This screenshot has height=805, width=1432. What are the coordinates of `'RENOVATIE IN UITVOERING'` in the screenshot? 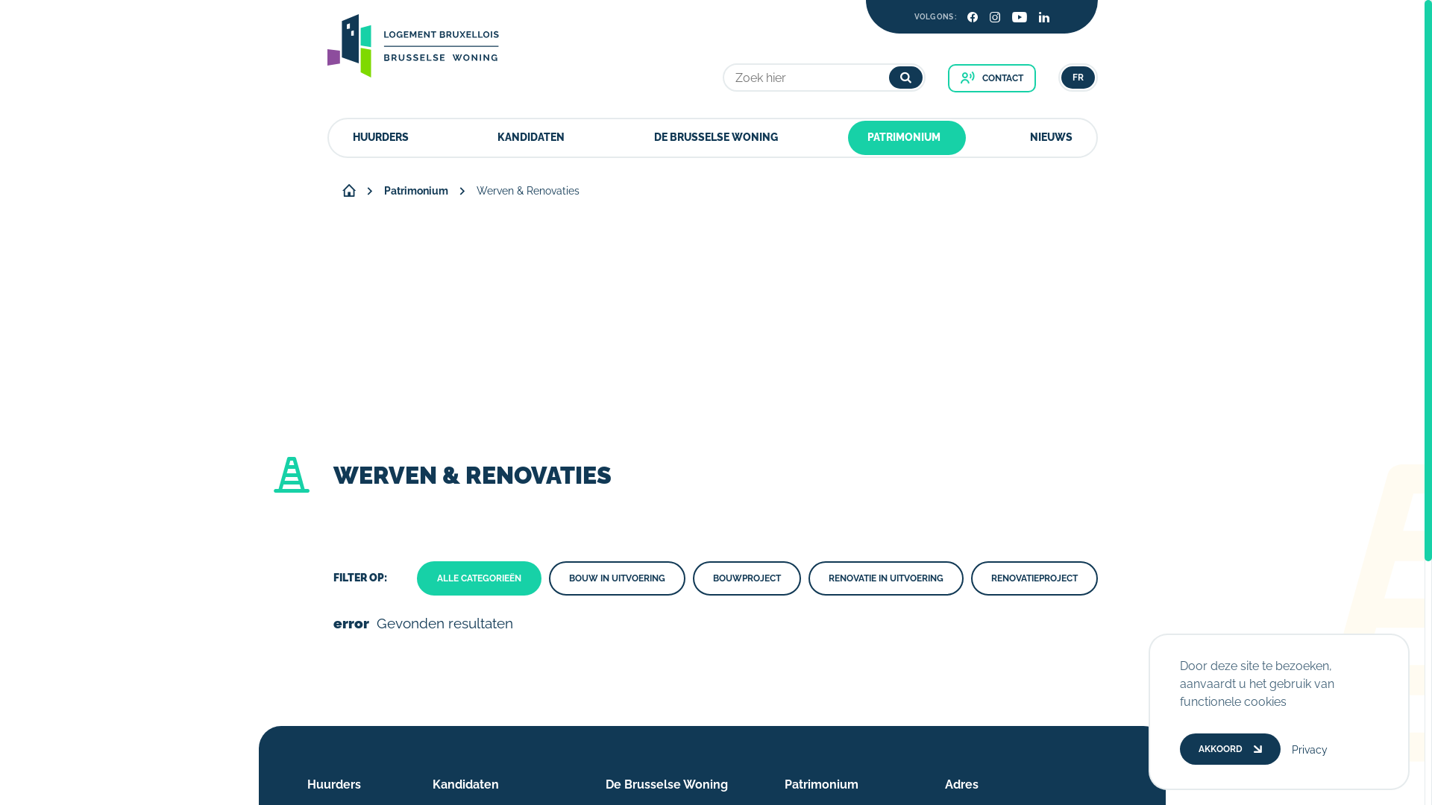 It's located at (886, 577).